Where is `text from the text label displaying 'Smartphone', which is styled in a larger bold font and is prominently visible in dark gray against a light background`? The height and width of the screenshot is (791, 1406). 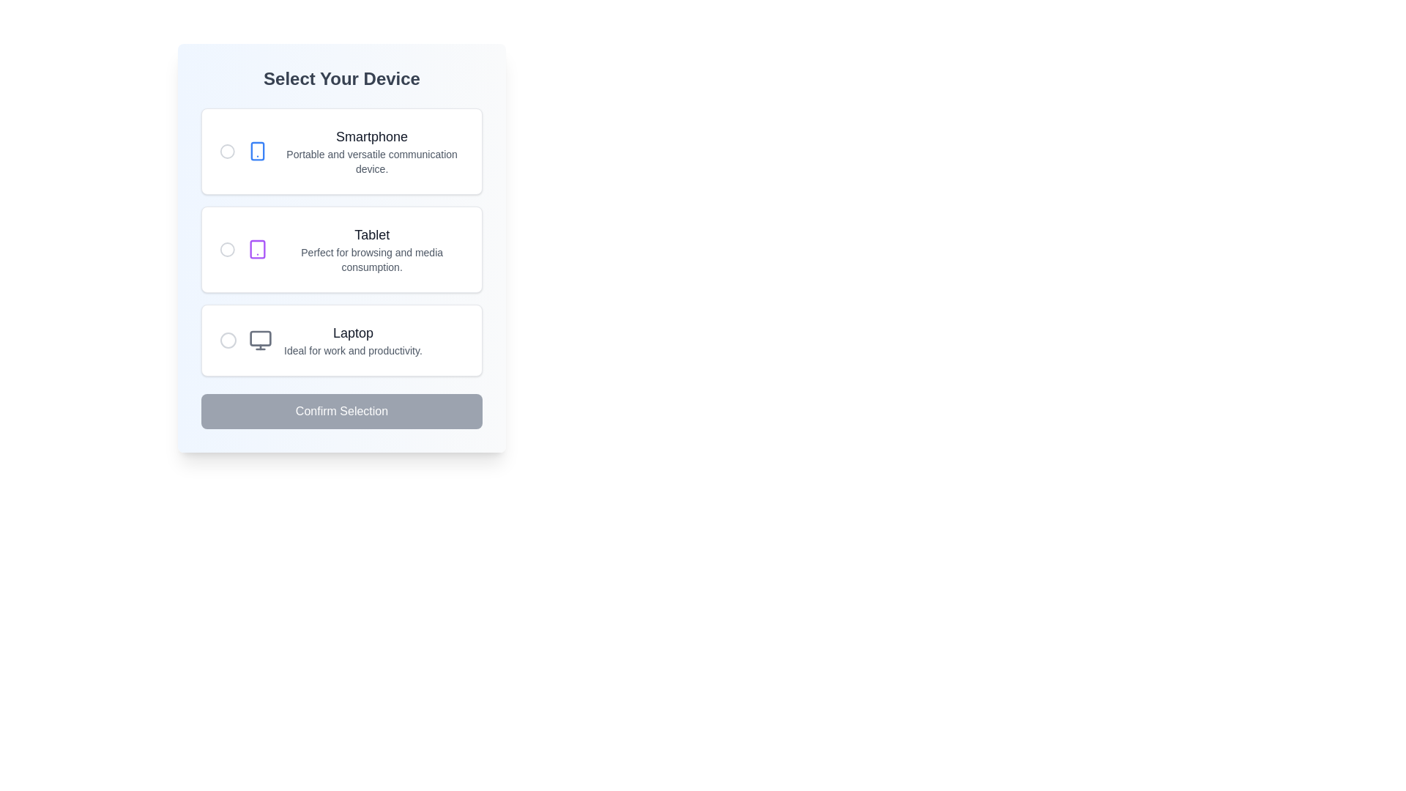 text from the text label displaying 'Smartphone', which is styled in a larger bold font and is prominently visible in dark gray against a light background is located at coordinates (372, 136).